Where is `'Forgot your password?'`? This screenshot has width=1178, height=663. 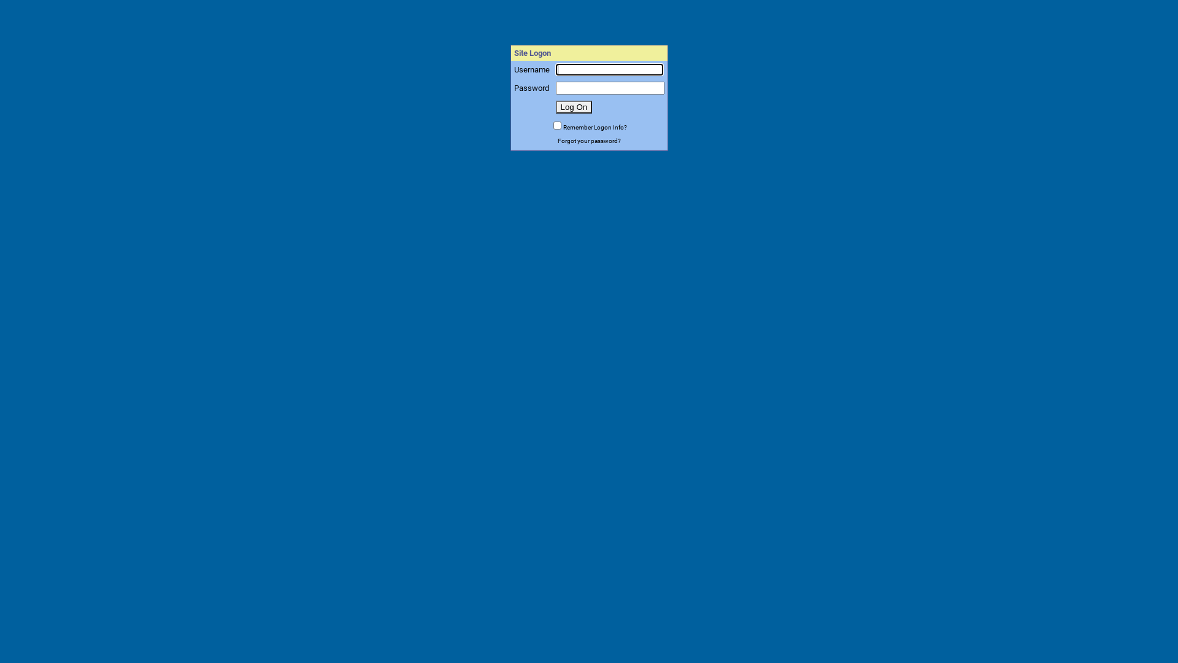 'Forgot your password?' is located at coordinates (556, 139).